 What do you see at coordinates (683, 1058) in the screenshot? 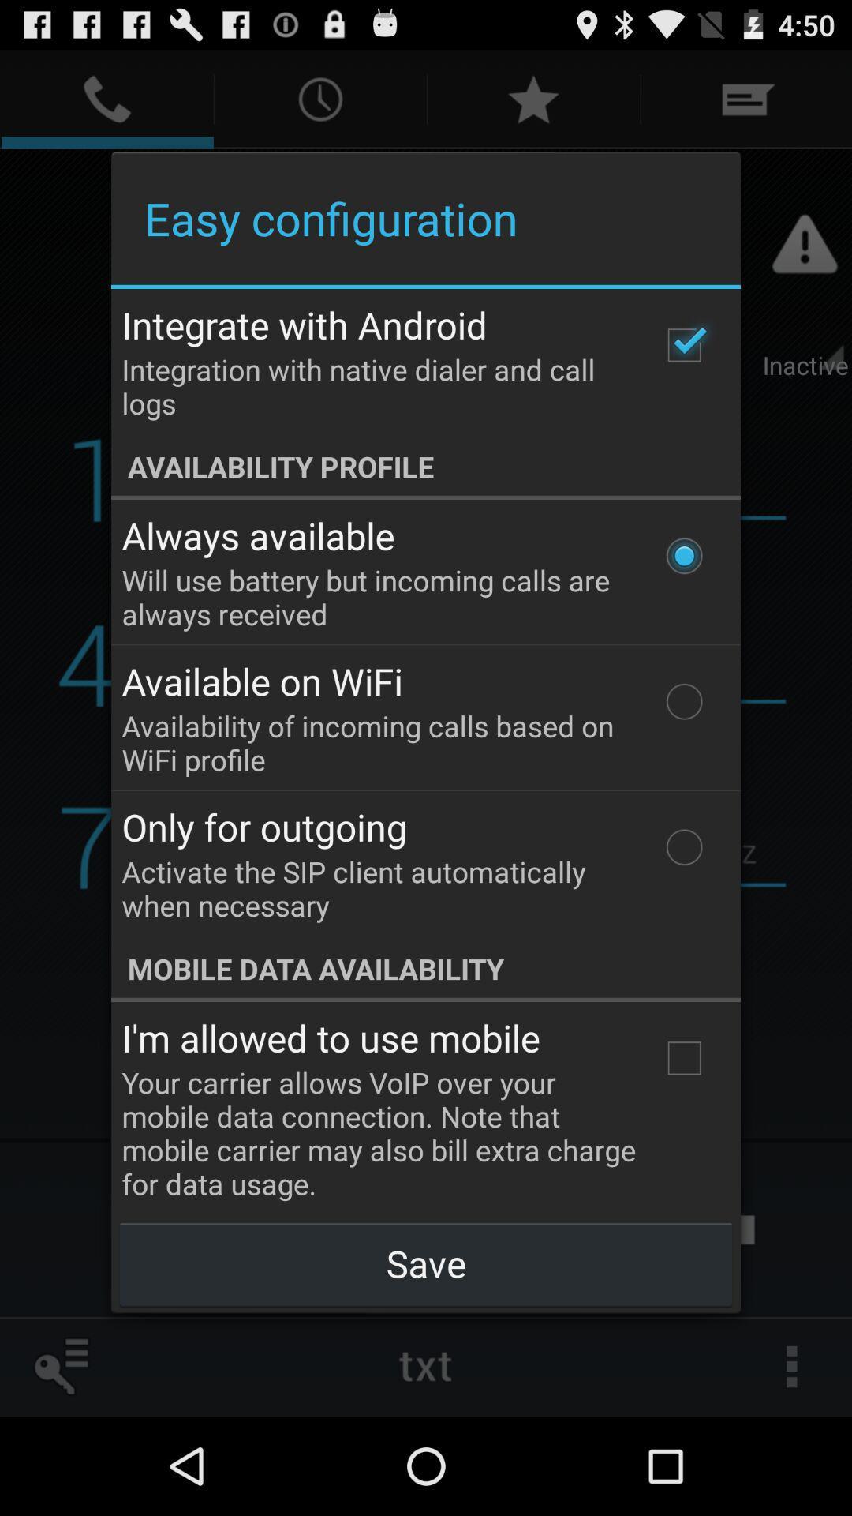
I see `the item below the mobile data availability item` at bounding box center [683, 1058].